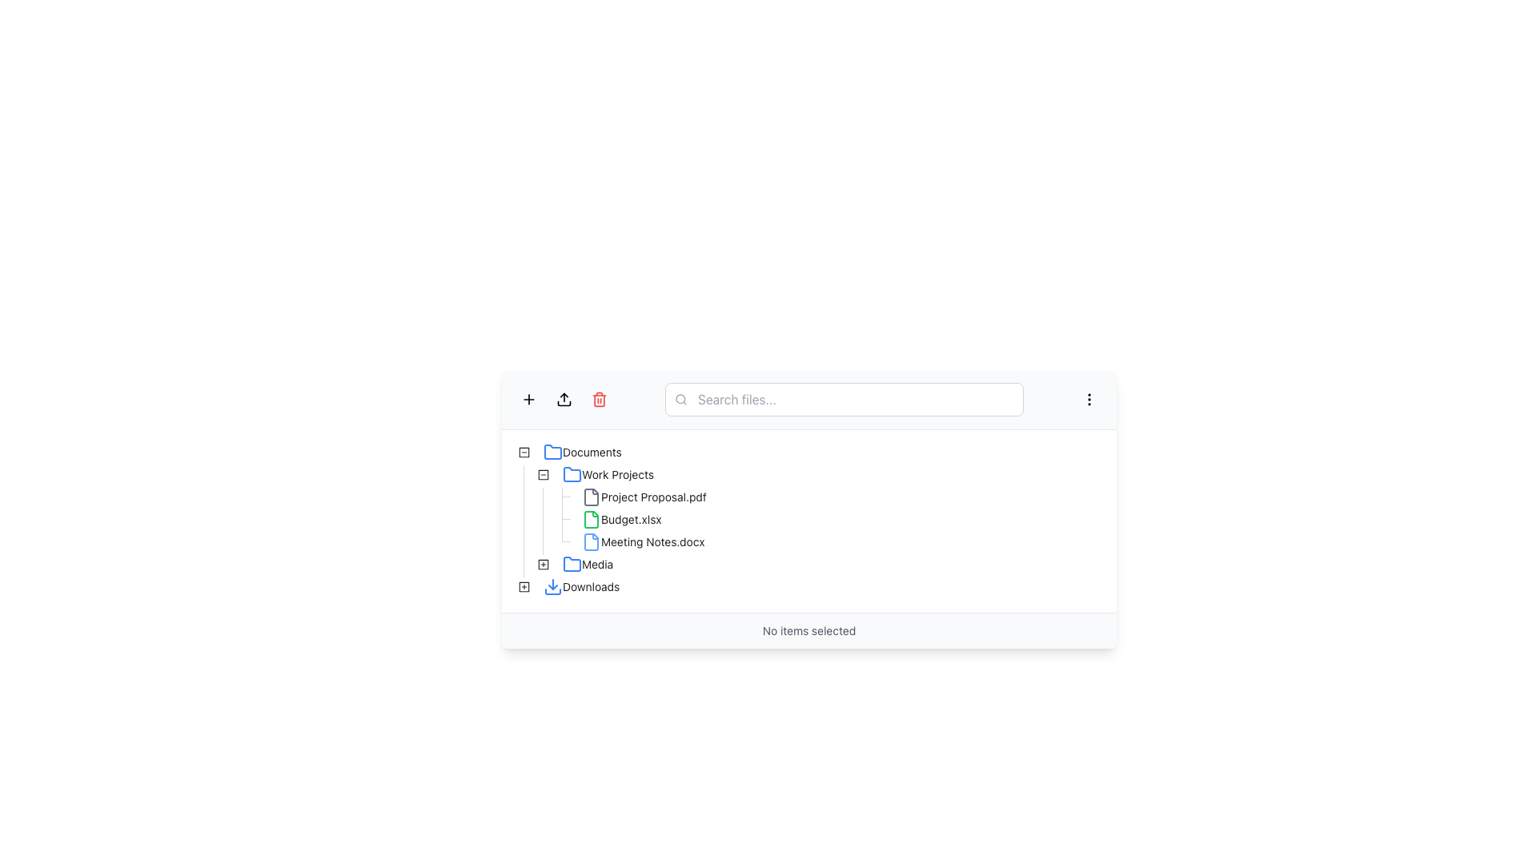 This screenshot has height=865, width=1537. Describe the element at coordinates (612, 497) in the screenshot. I see `to select the 'Project Proposal.pdf' file in the tree view, which is the first leaf node under the 'Work Projects' folder in the 'Documents' directory` at that location.